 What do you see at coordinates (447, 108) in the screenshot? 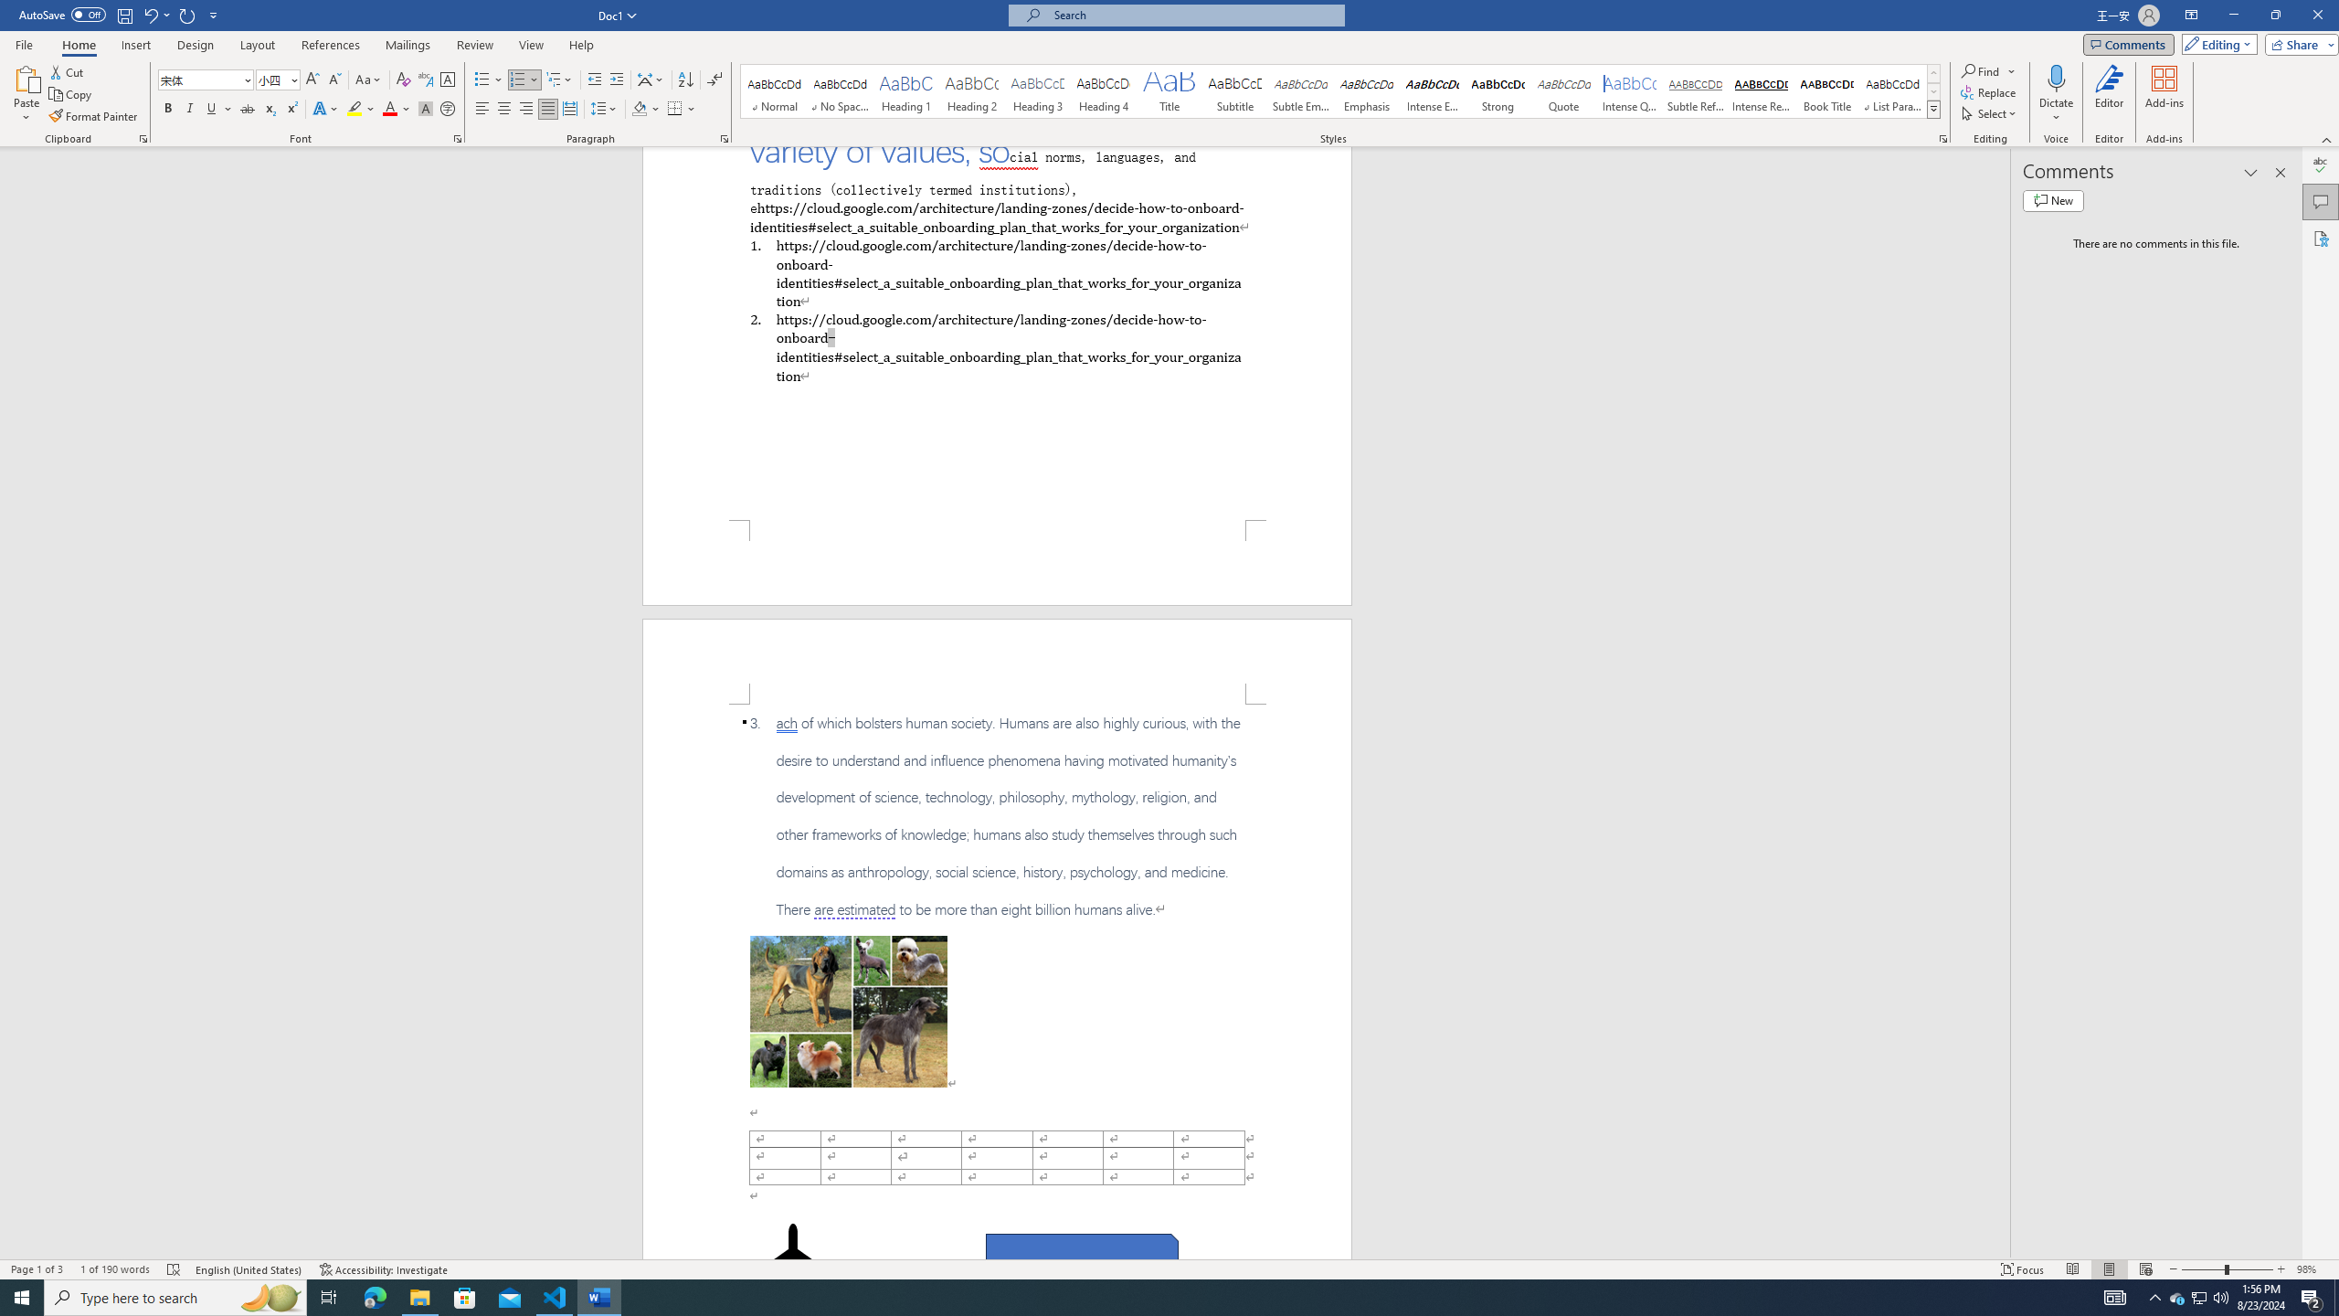
I see `'Enclose Characters...'` at bounding box center [447, 108].